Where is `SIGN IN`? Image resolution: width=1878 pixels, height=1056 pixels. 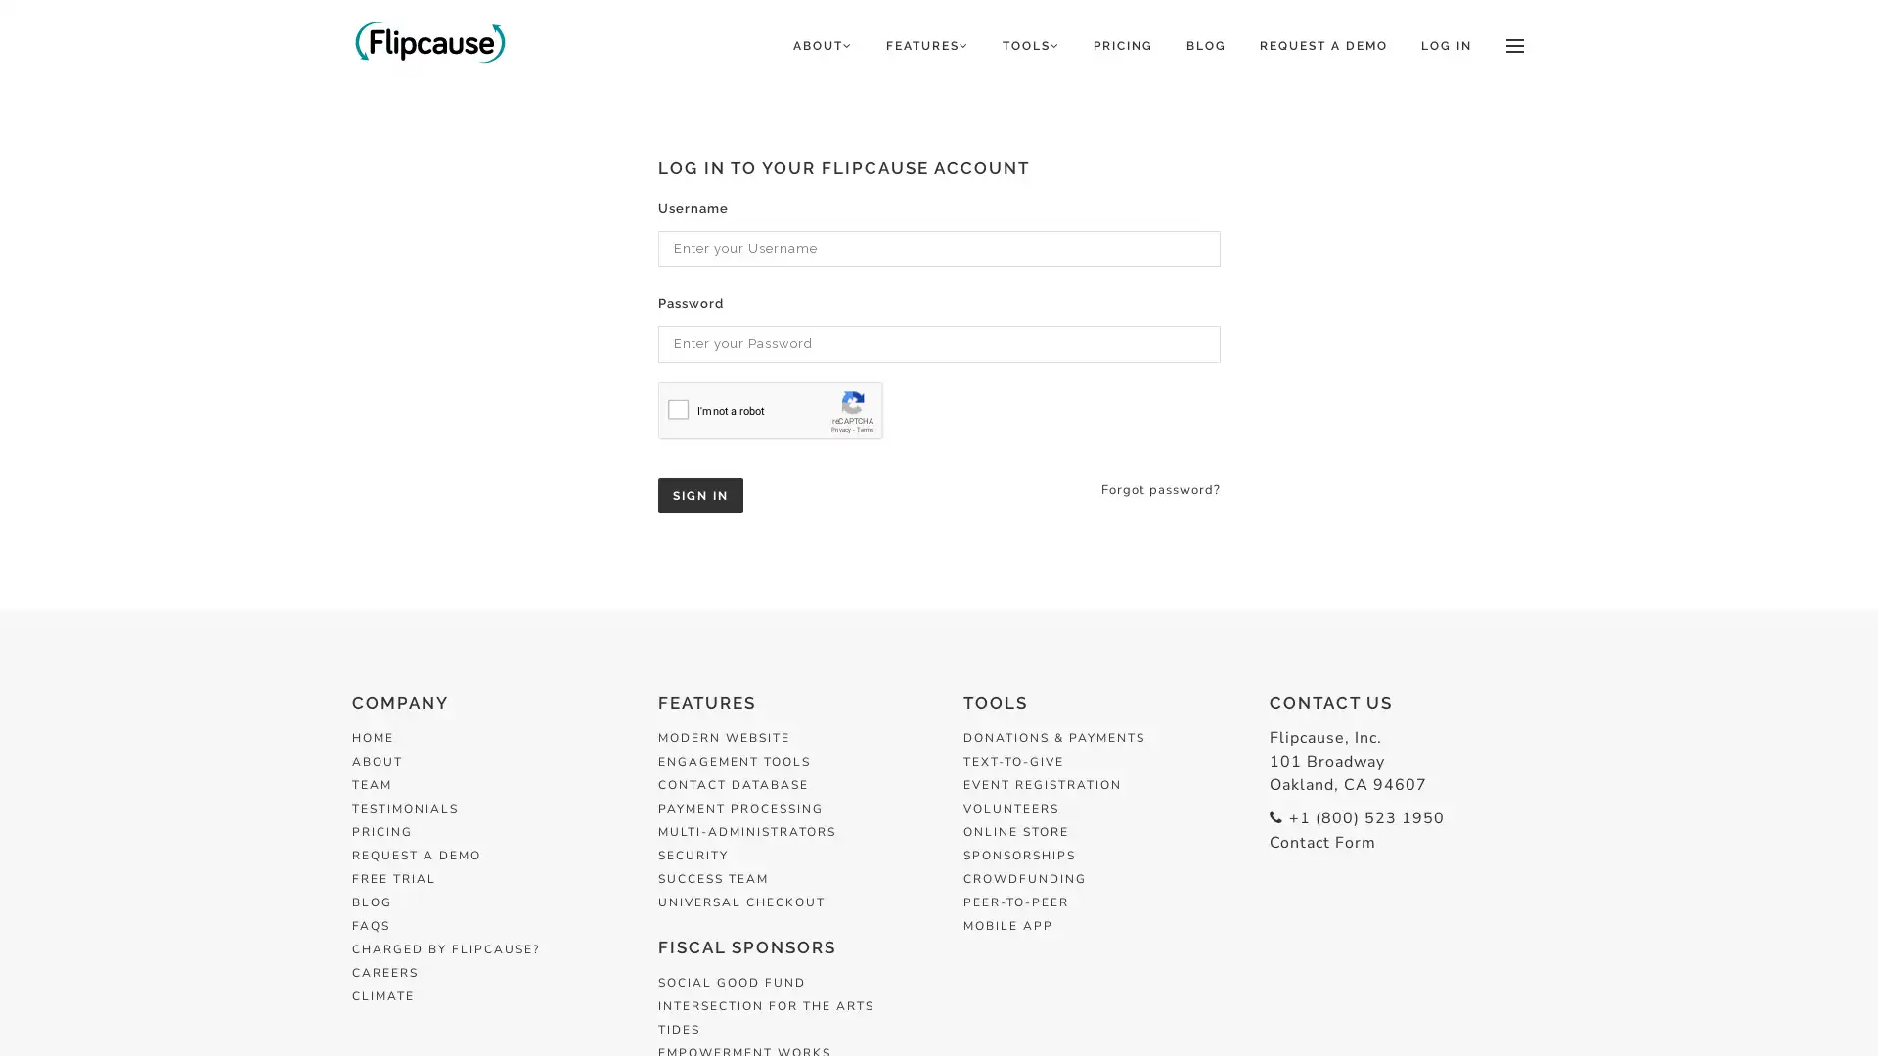
SIGN IN is located at coordinates (699, 493).